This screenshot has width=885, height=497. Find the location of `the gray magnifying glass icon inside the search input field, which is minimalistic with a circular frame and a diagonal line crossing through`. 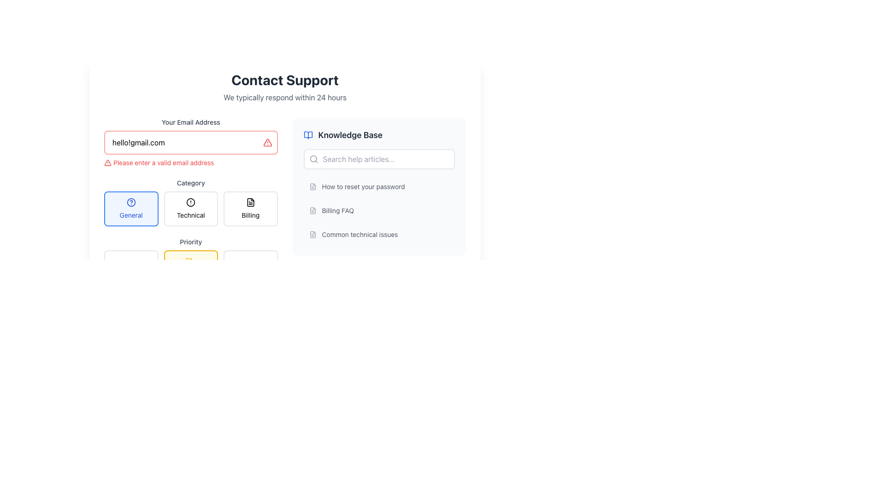

the gray magnifying glass icon inside the search input field, which is minimalistic with a circular frame and a diagonal line crossing through is located at coordinates (313, 159).